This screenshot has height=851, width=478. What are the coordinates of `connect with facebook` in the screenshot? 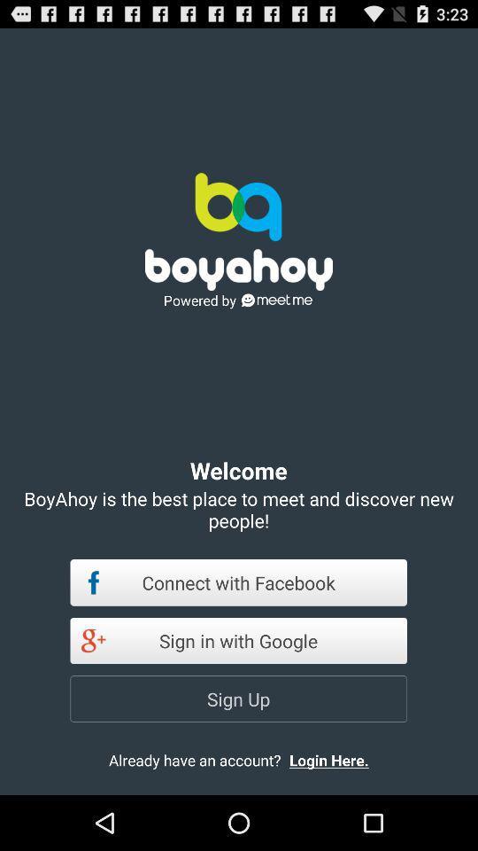 It's located at (238, 582).